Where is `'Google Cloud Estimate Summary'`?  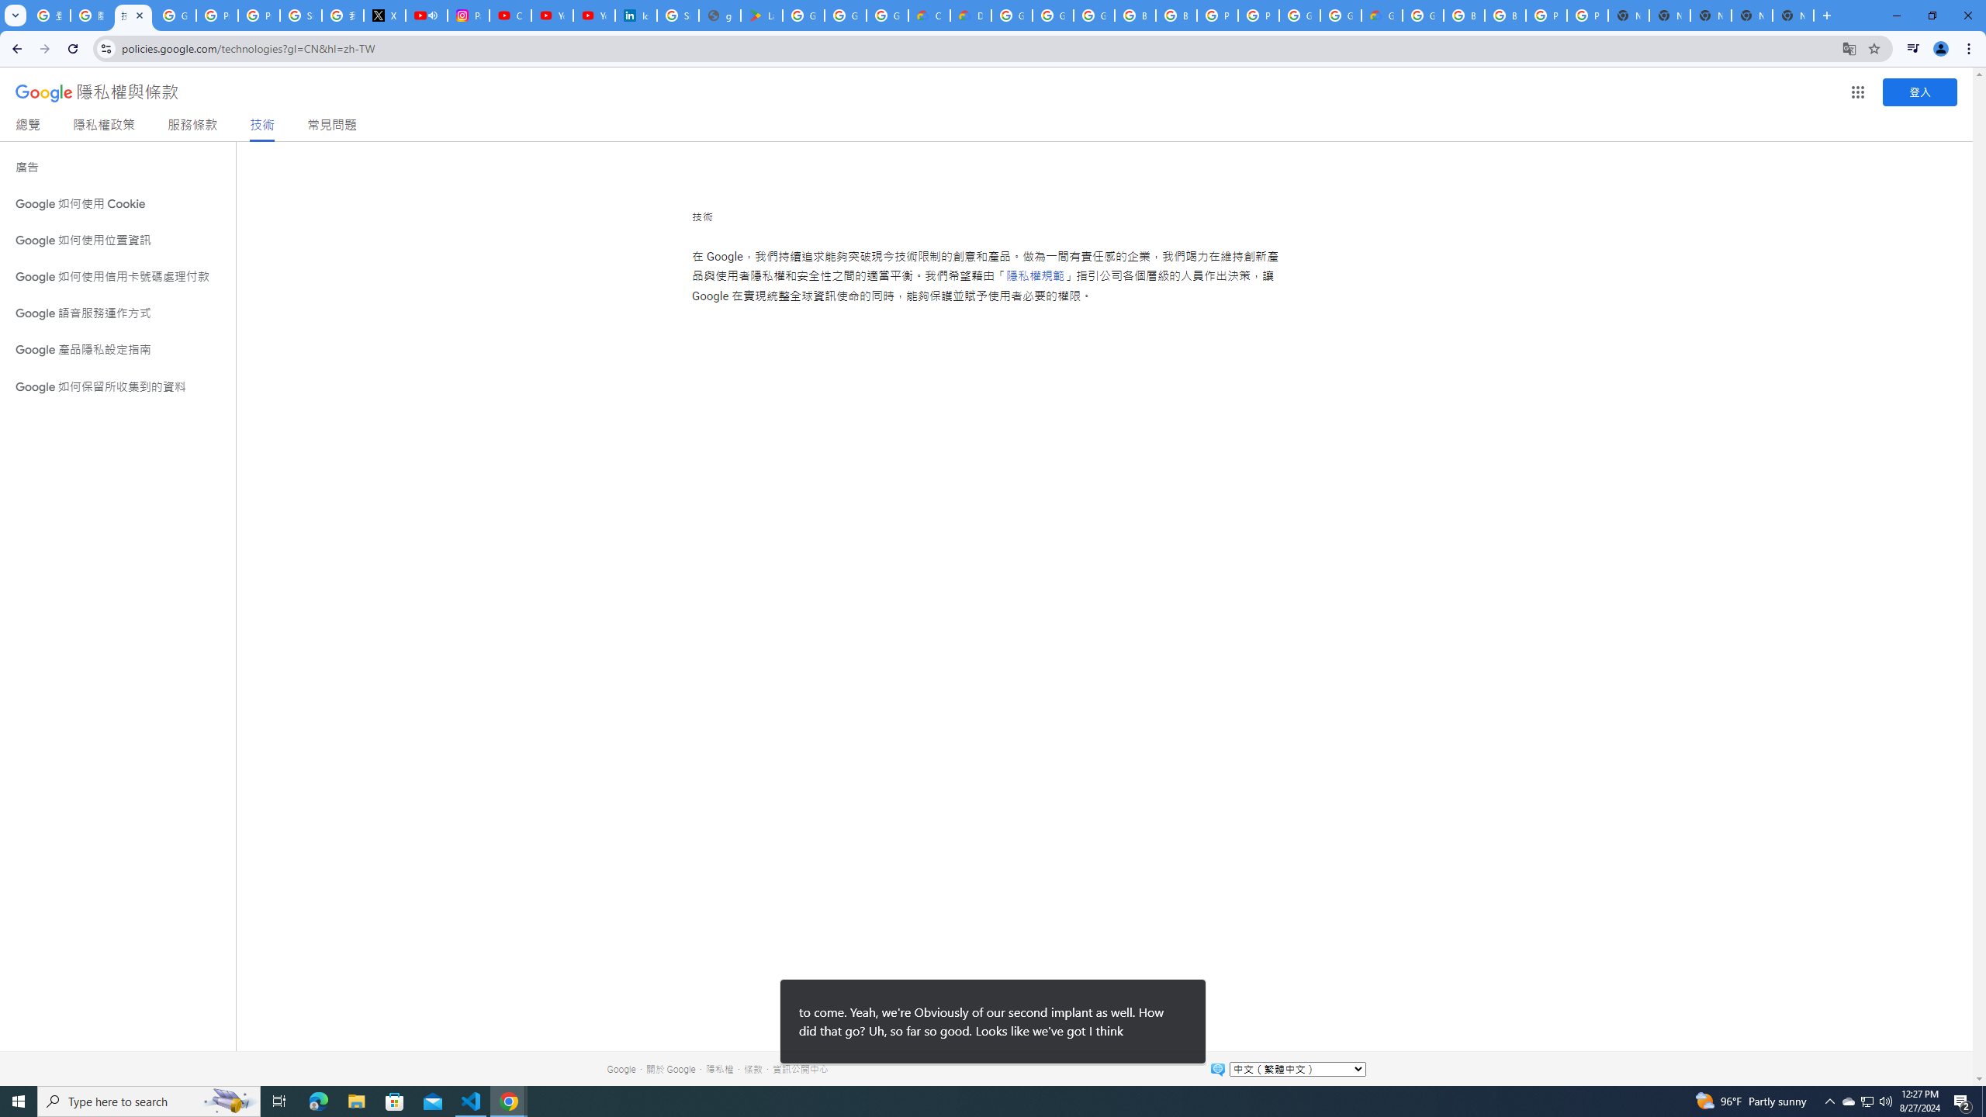 'Google Cloud Estimate Summary' is located at coordinates (1382, 15).